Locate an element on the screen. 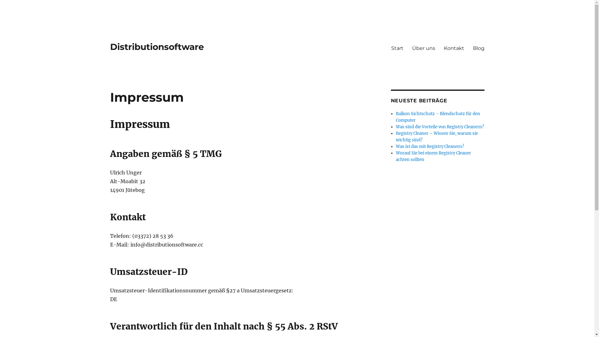 This screenshot has width=599, height=337. 'Distributionsoftware' is located at coordinates (157, 46).